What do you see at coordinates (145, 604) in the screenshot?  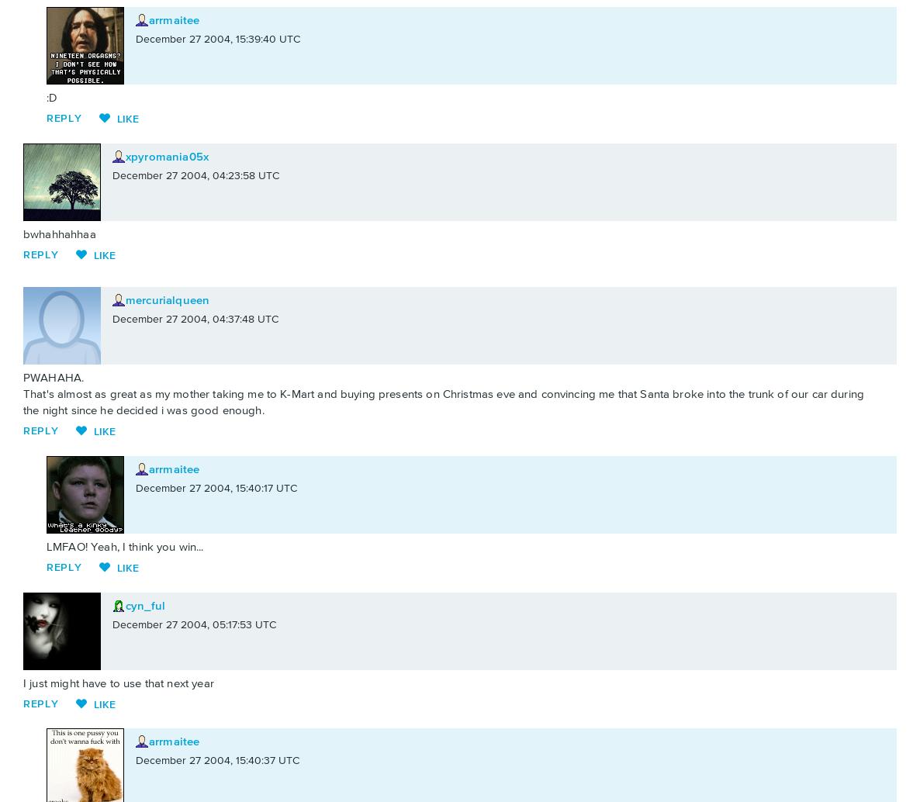 I see `'cyn_ful'` at bounding box center [145, 604].